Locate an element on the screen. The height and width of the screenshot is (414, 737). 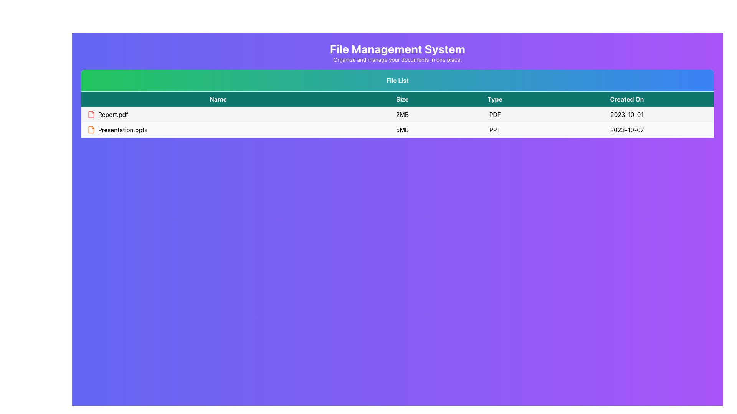
the orange file icon representing 'Presentation.pptx', located is located at coordinates (92, 130).